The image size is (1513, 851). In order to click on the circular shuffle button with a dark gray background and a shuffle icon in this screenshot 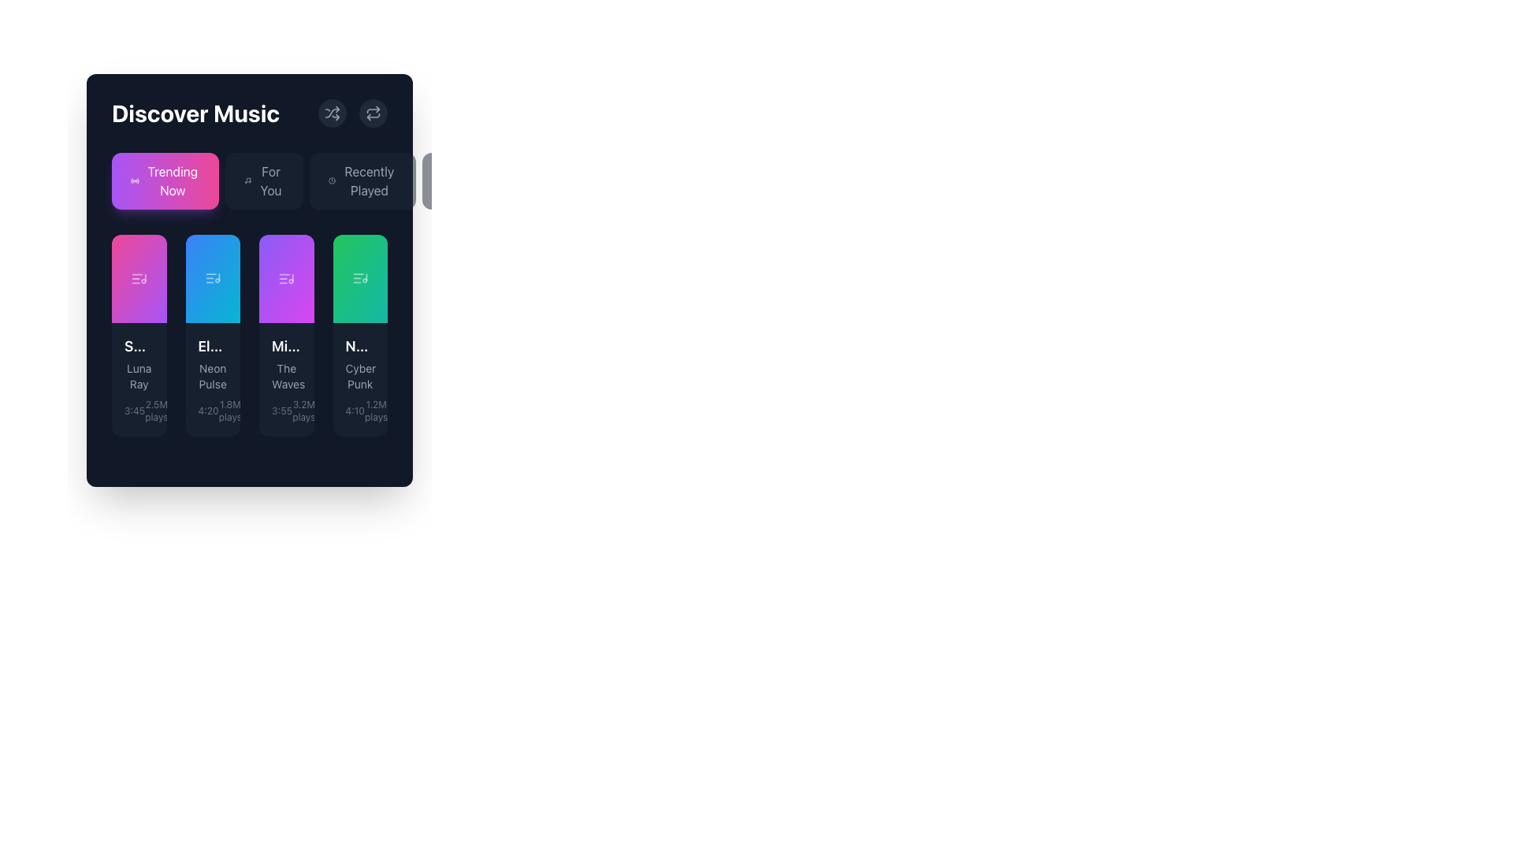, I will do `click(332, 112)`.